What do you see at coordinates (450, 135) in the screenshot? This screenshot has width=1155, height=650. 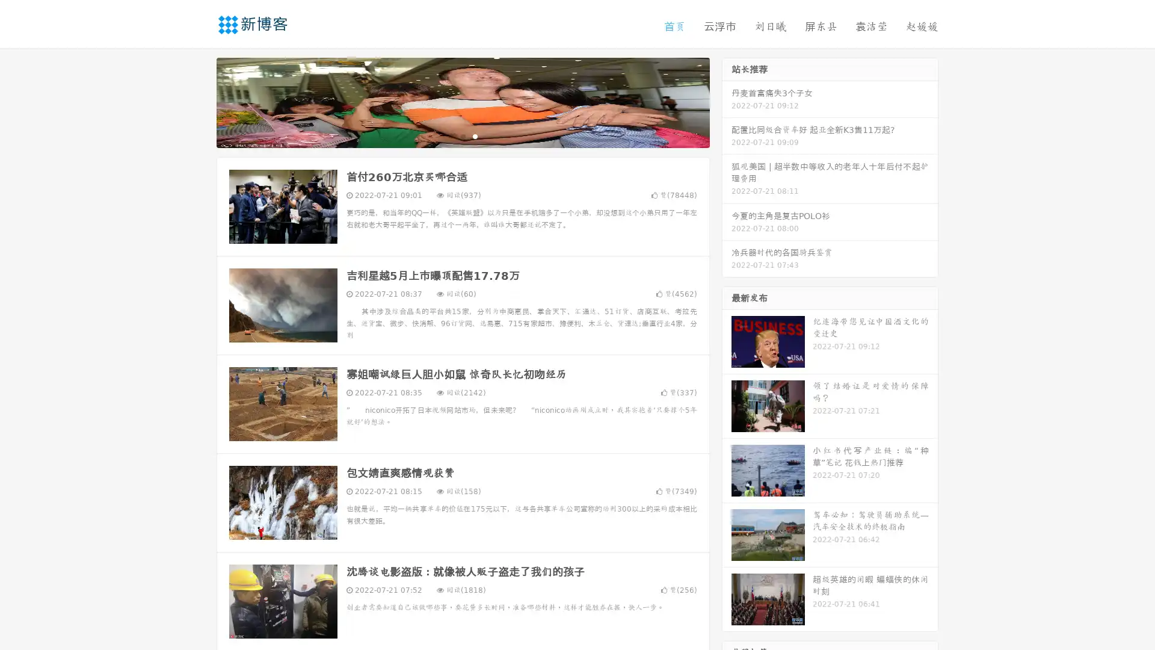 I see `Go to slide 1` at bounding box center [450, 135].